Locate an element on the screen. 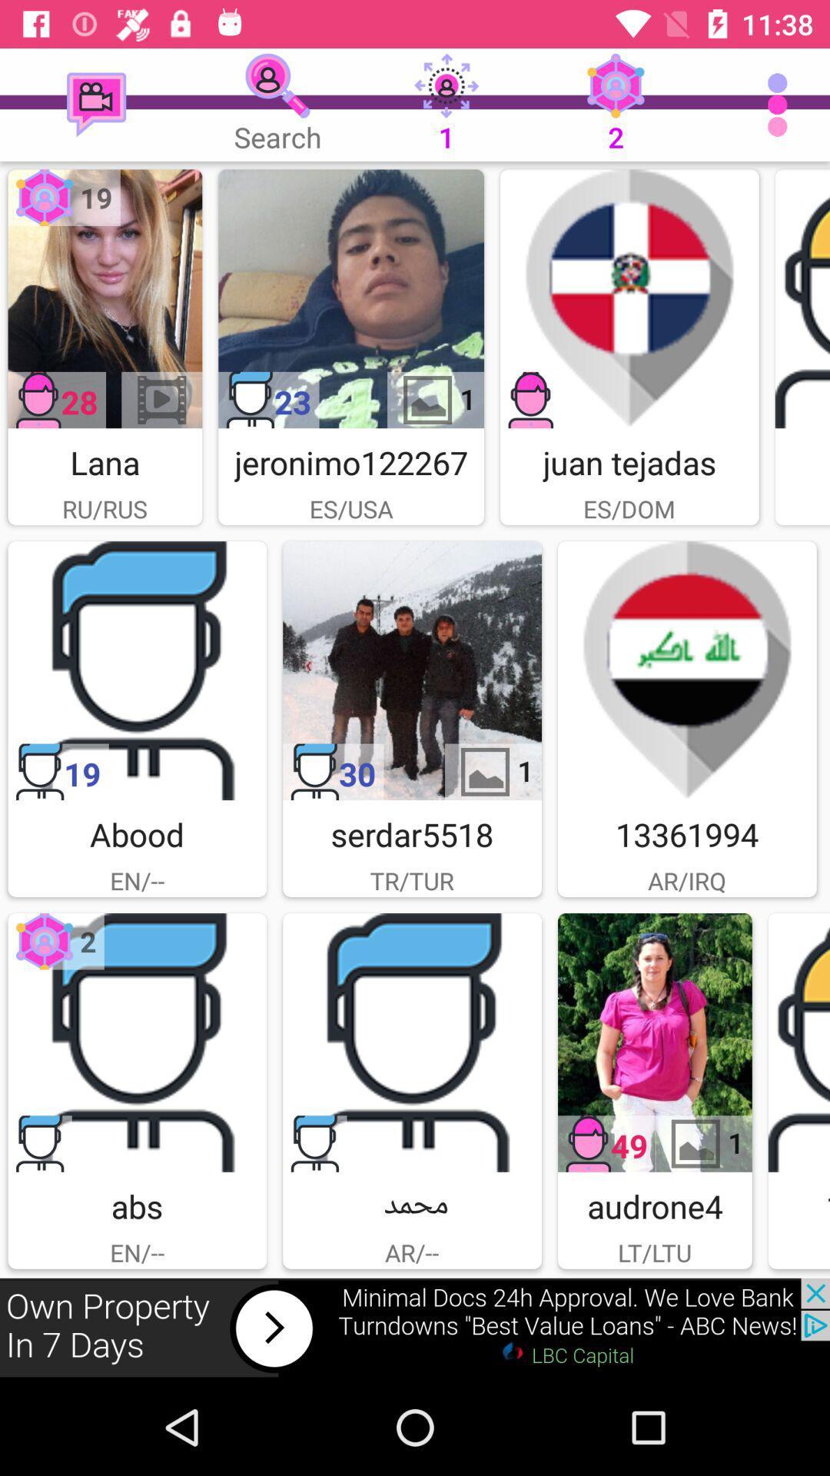 The width and height of the screenshot is (830, 1476). loads a person 's profile is located at coordinates (802, 298).